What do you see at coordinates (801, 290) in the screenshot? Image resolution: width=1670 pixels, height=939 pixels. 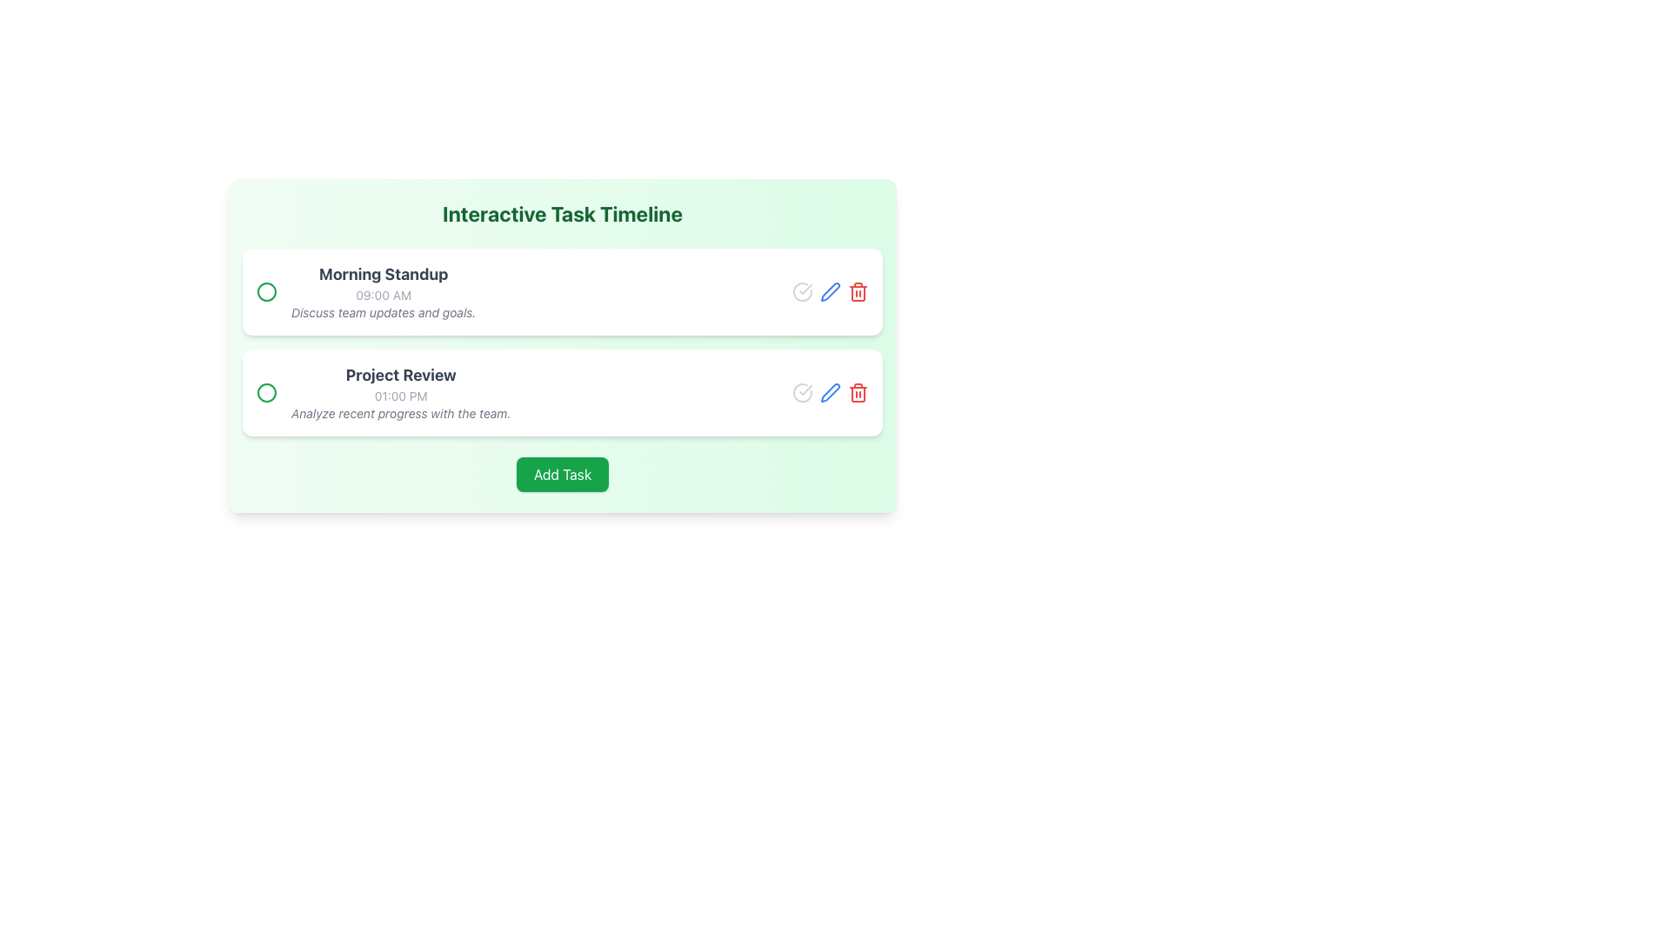 I see `the circular checkmark icon in gray that changes to green when hovered, located next to the 'Morning Standup' task card in the timeline interface` at bounding box center [801, 290].